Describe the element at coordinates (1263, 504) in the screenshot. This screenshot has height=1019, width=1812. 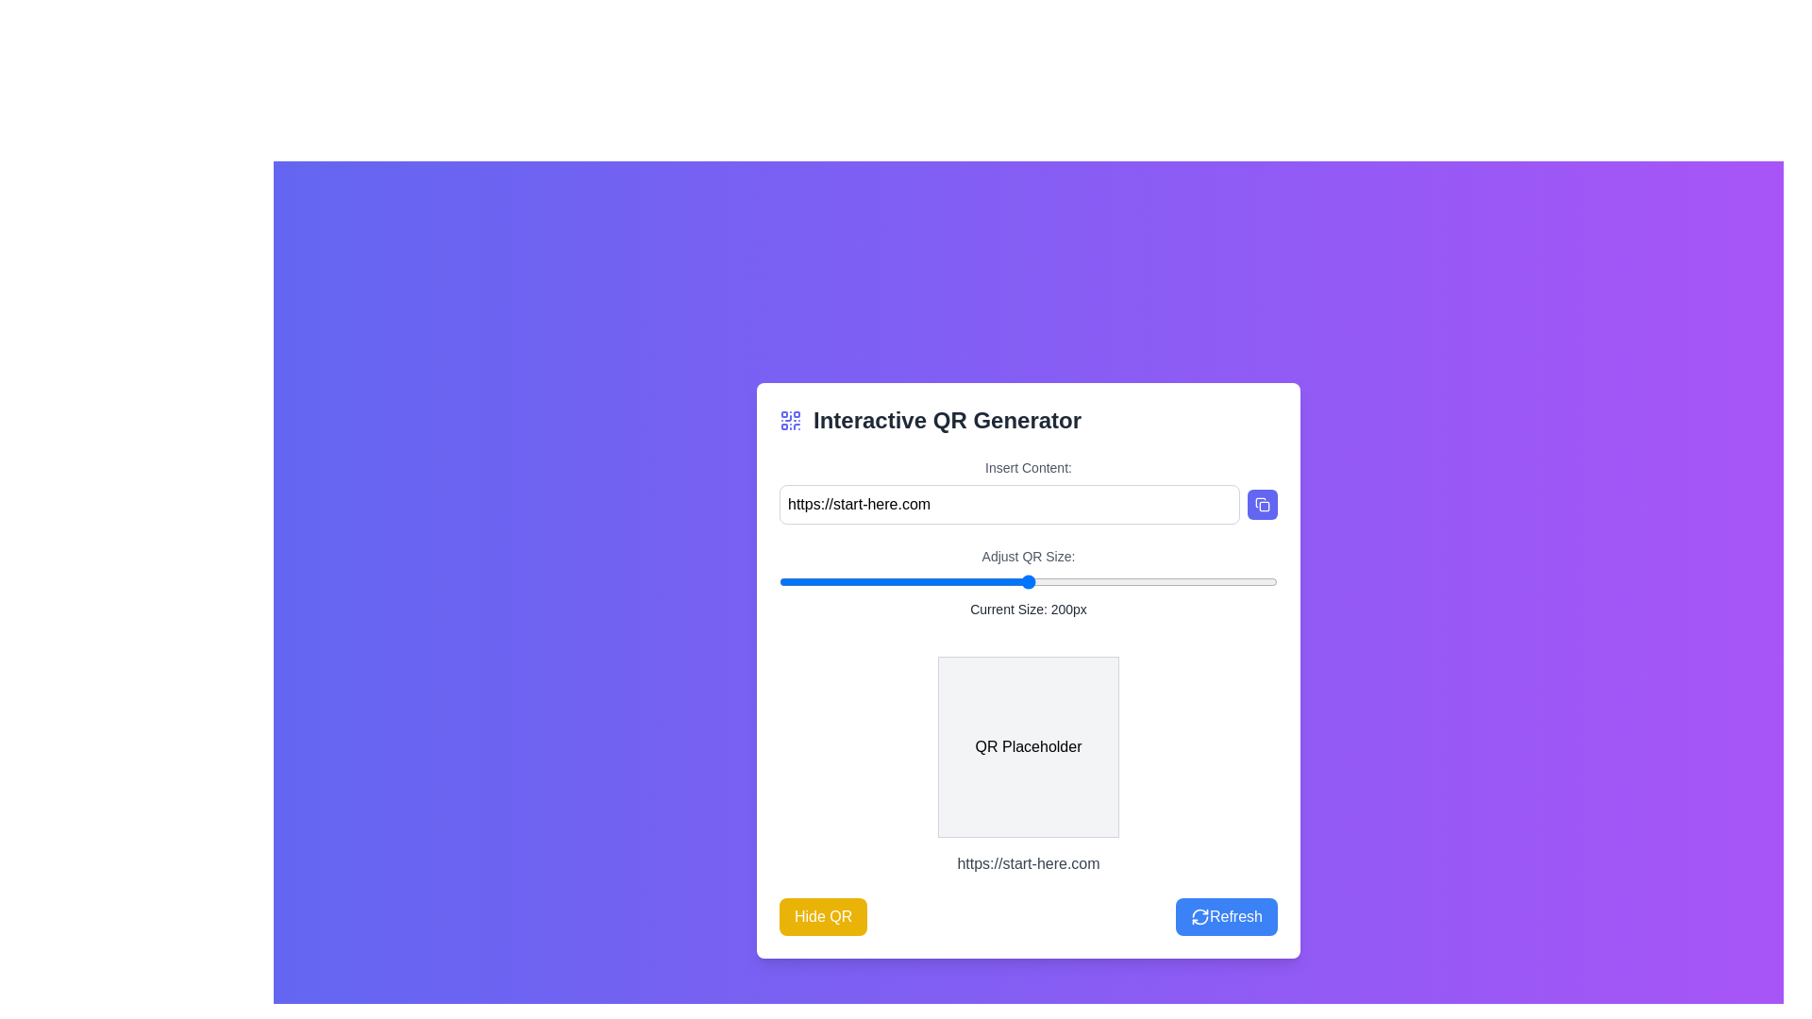
I see `the copy button located to the right of the input field displaying 'https://start-here.com'` at that location.